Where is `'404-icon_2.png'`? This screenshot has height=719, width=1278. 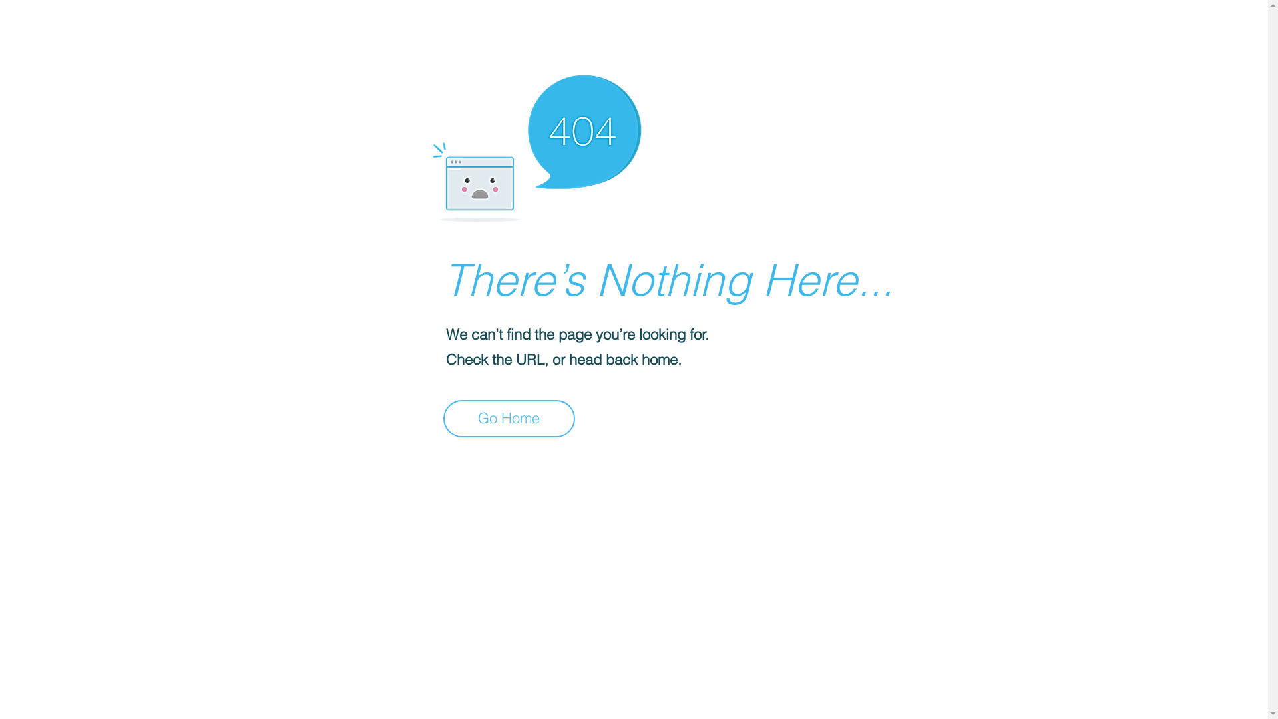 '404-icon_2.png' is located at coordinates (536, 144).